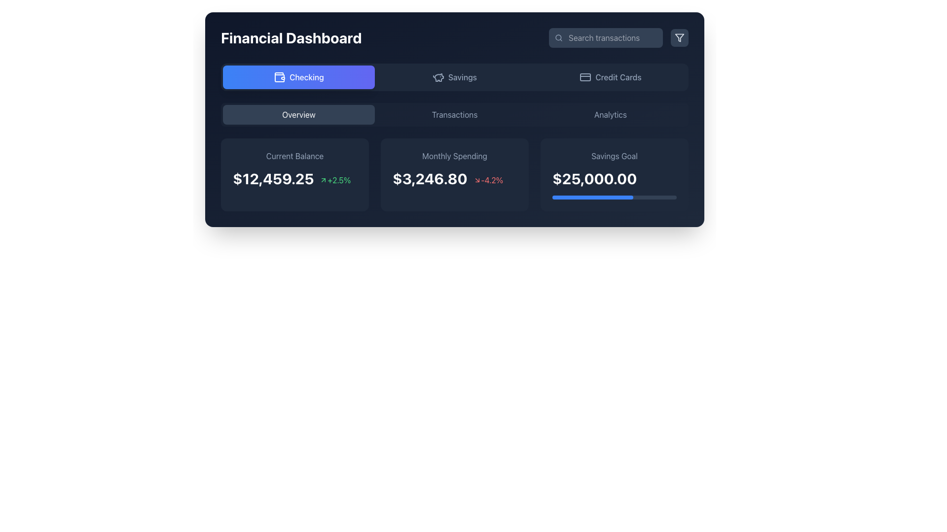 This screenshot has width=947, height=532. Describe the element at coordinates (610, 114) in the screenshot. I see `the navigation link styled as a button, which is the last item in the horizontal navigation menu` at that location.